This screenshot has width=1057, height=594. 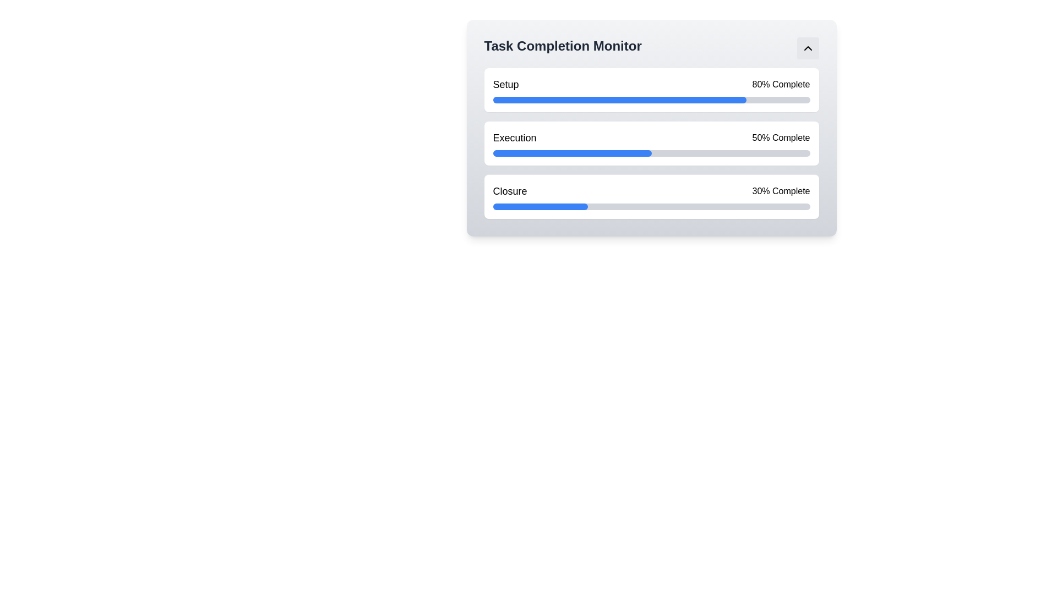 What do you see at coordinates (651, 100) in the screenshot?
I see `the horizontal progress bar with a gray background and a filled blue segment, located beneath the text 'Setup' and '80% Complete' in the task completion monitor interface` at bounding box center [651, 100].